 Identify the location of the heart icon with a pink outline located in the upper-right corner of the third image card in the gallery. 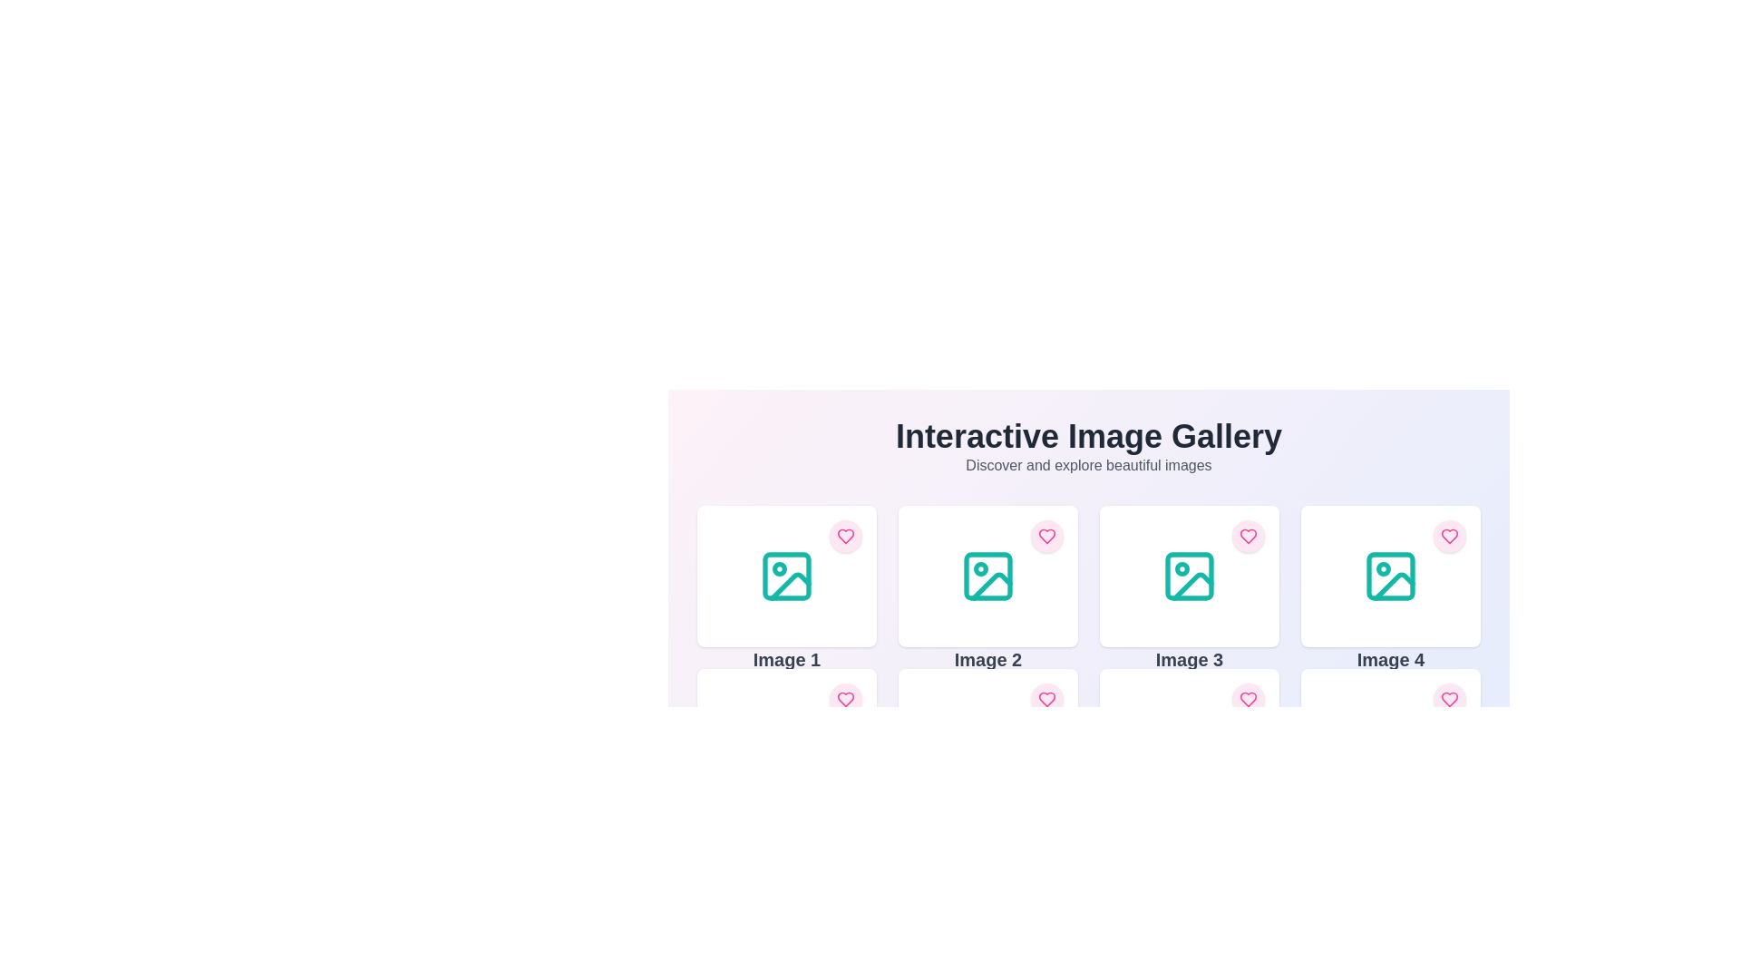
(1248, 535).